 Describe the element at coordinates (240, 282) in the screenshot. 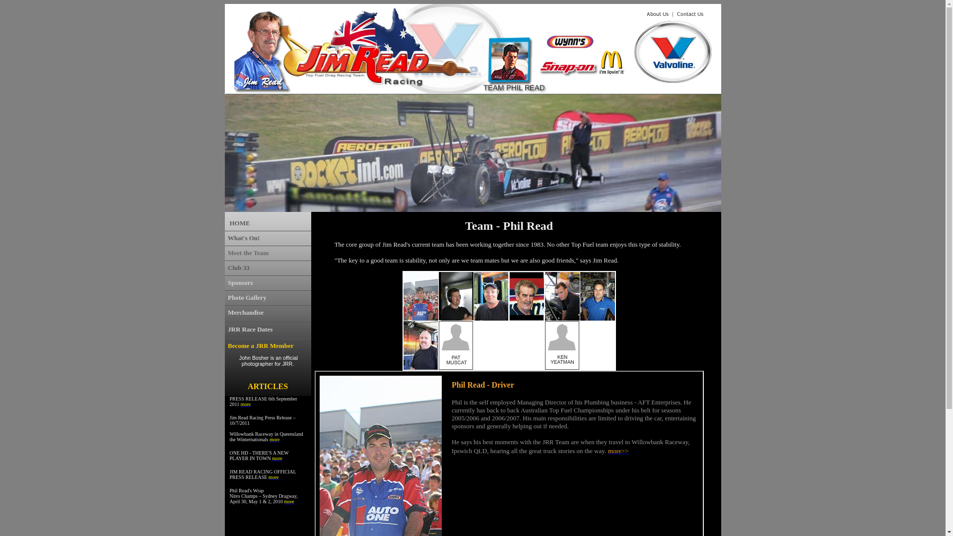

I see `'Sponsors'` at that location.